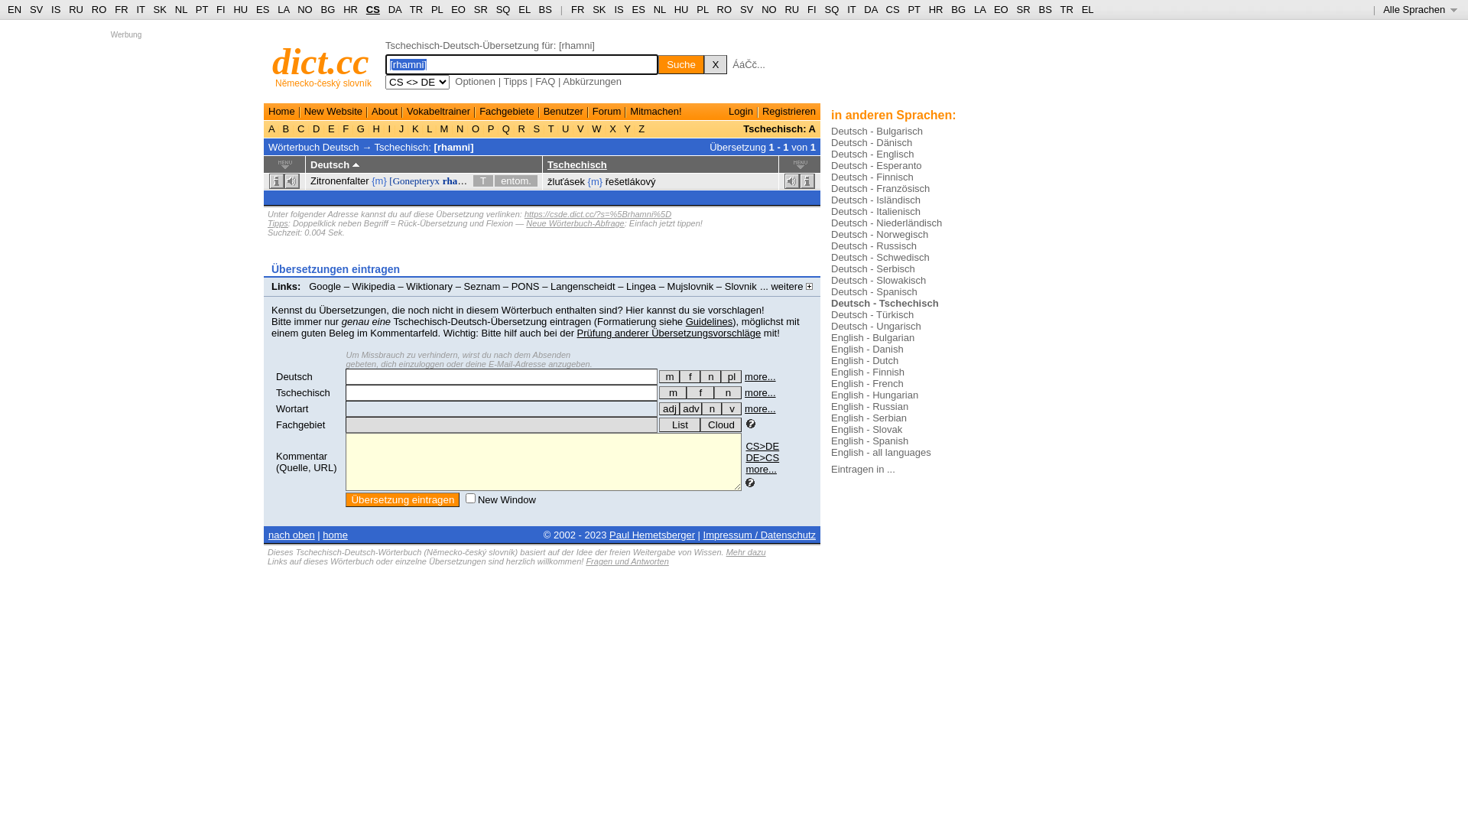 The image size is (1468, 826). Describe the element at coordinates (810, 9) in the screenshot. I see `'FI'` at that location.